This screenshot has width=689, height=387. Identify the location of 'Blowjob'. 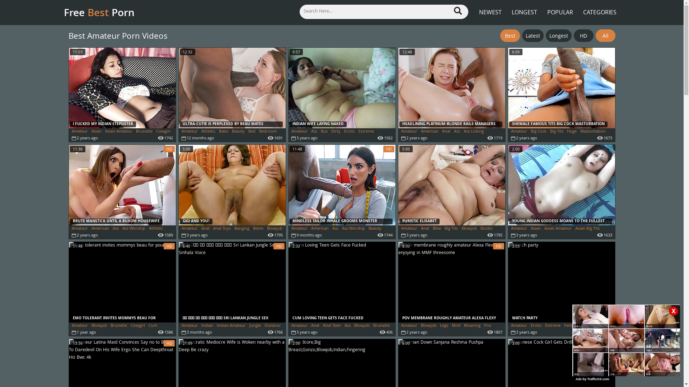
(469, 229).